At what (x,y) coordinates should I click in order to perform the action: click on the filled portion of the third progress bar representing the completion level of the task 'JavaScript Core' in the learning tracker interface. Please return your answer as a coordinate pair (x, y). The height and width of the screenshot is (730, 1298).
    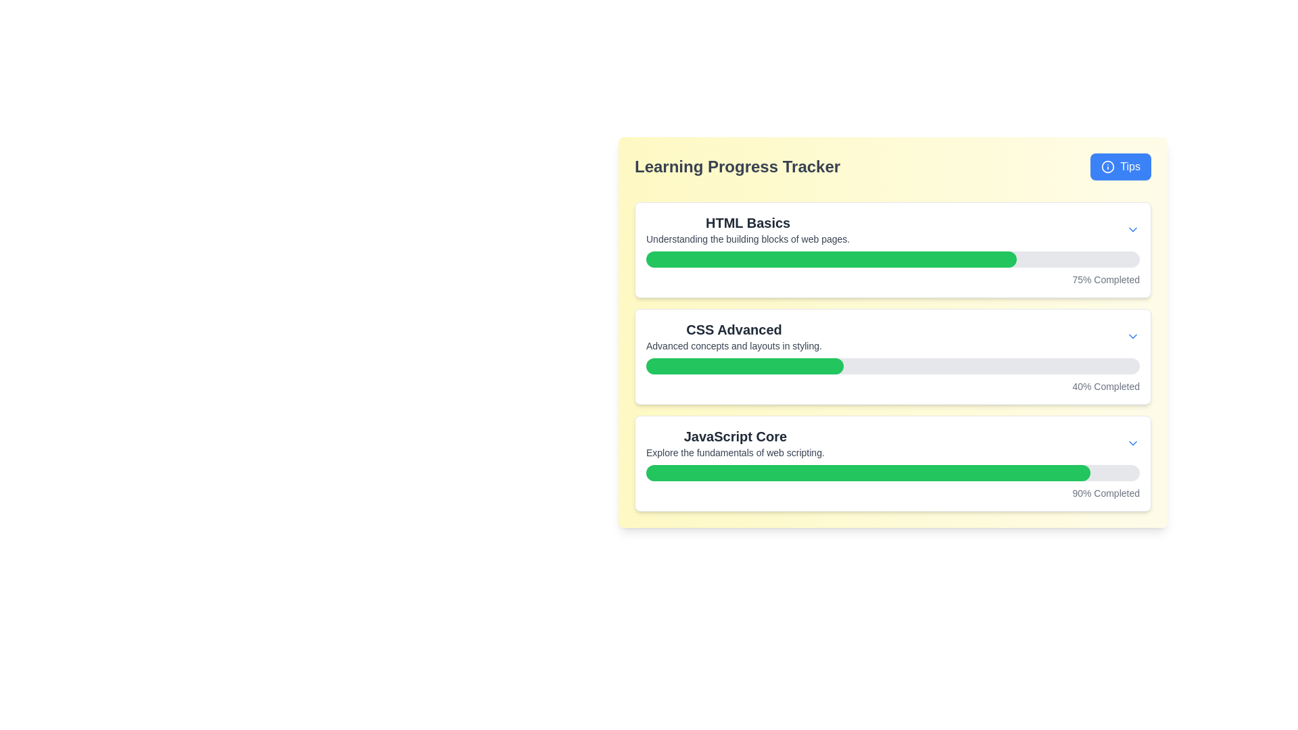
    Looking at the image, I should click on (868, 472).